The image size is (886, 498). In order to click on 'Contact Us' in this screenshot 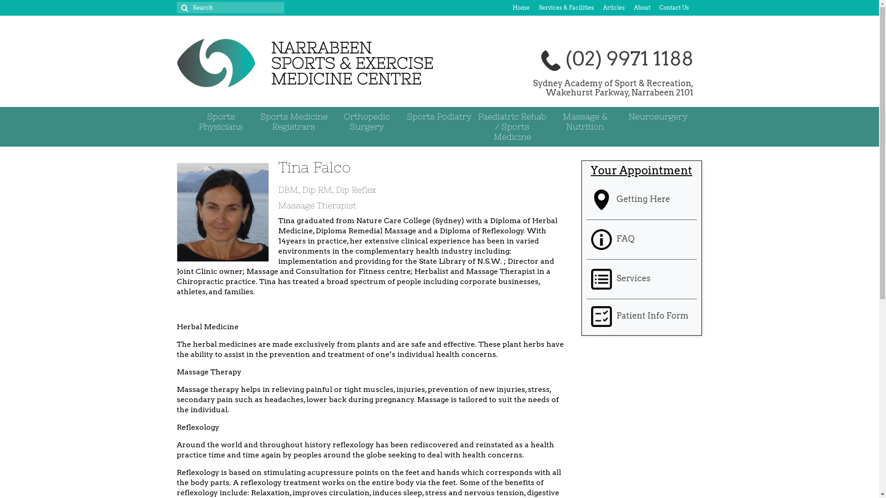, I will do `click(673, 7)`.